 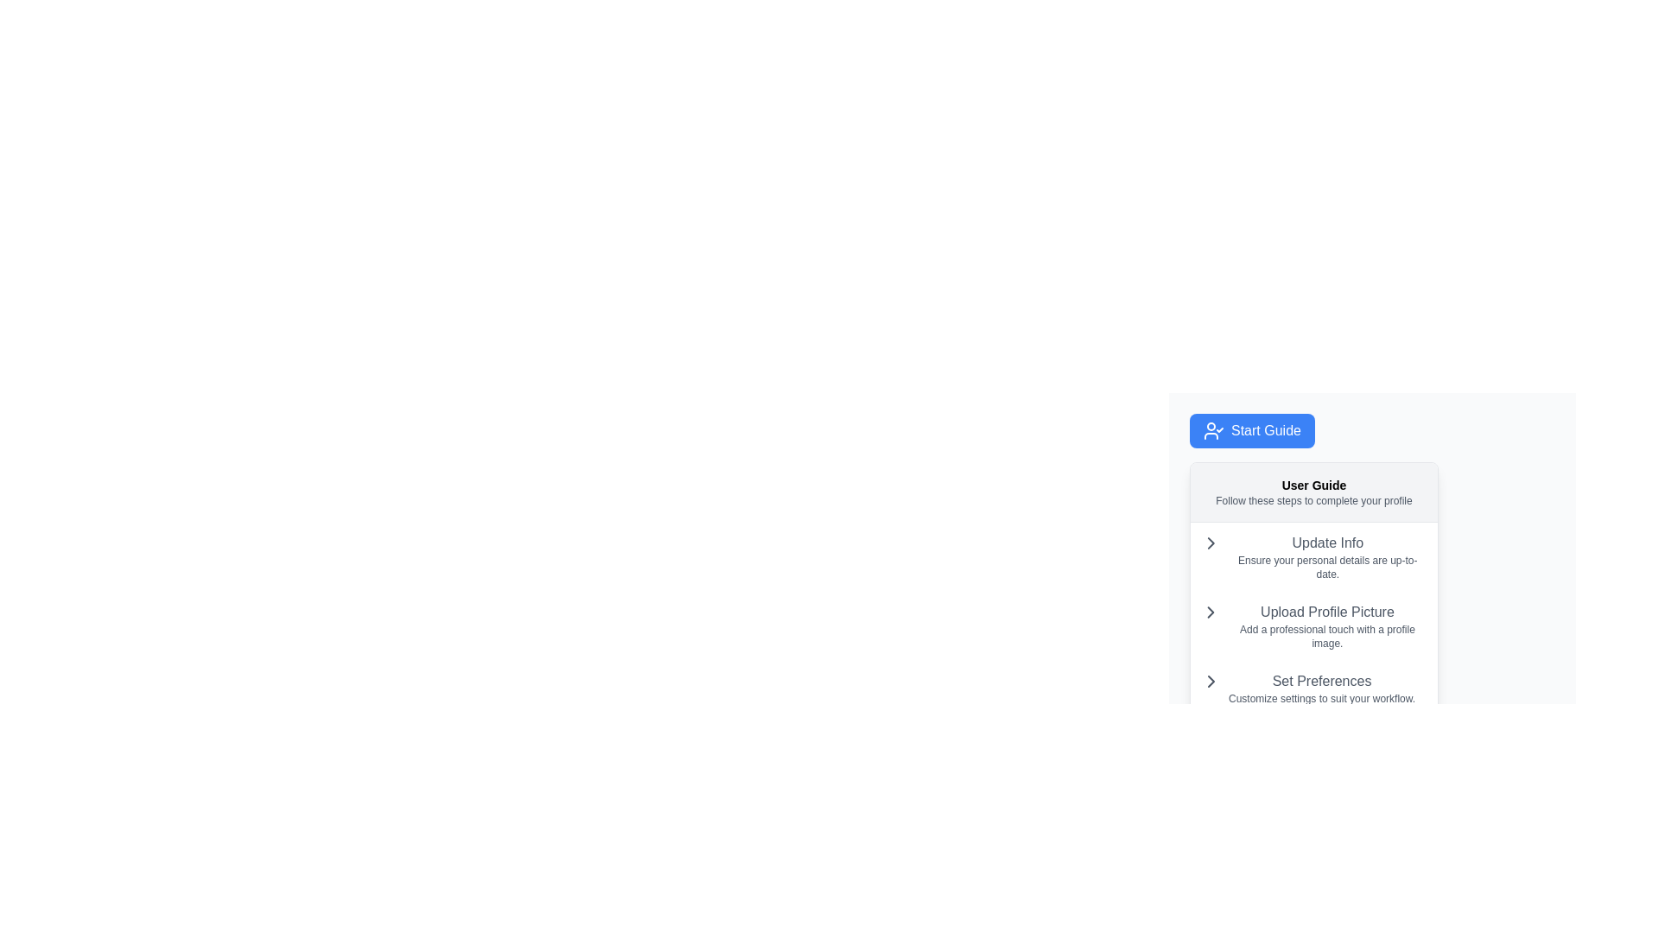 I want to click on the 'chevron right' SVG icon indicating navigation next to the 'Set Preferences' text to focus on it, so click(x=1210, y=681).